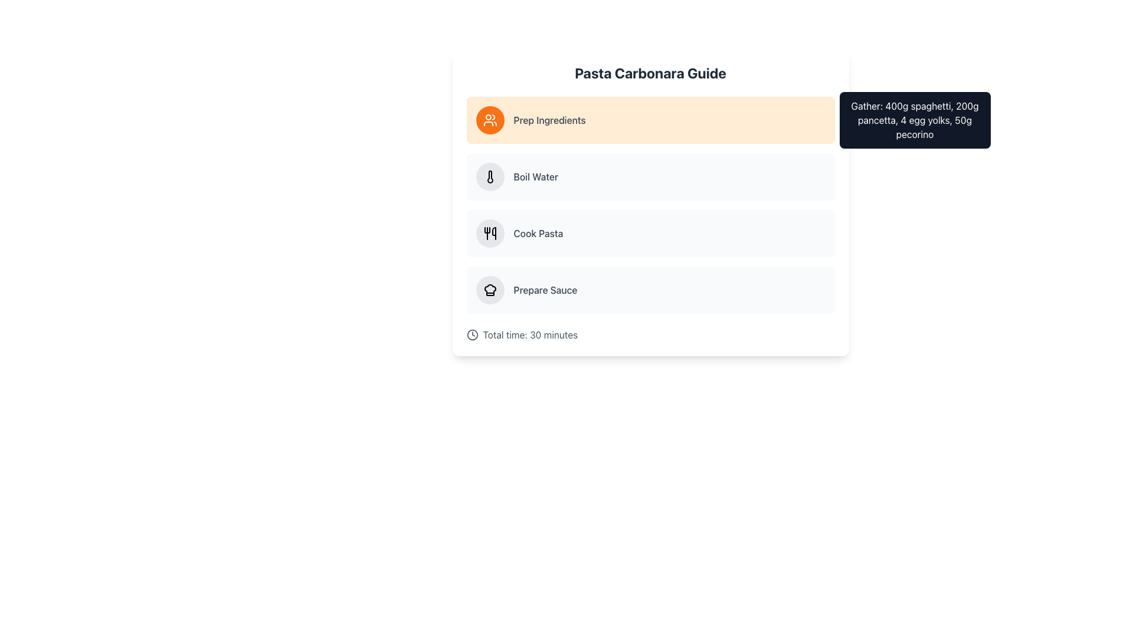 Image resolution: width=1133 pixels, height=637 pixels. Describe the element at coordinates (490, 177) in the screenshot. I see `the 'Boil Water' icon, which visually represents the 'Boil Water' step in the cooking process, located second in the list of steps` at that location.